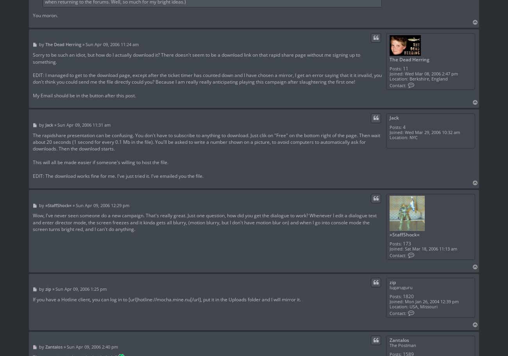 The height and width of the screenshot is (356, 508). Describe the element at coordinates (100, 162) in the screenshot. I see `'This will all be made easier if someone's willing to host the file.'` at that location.